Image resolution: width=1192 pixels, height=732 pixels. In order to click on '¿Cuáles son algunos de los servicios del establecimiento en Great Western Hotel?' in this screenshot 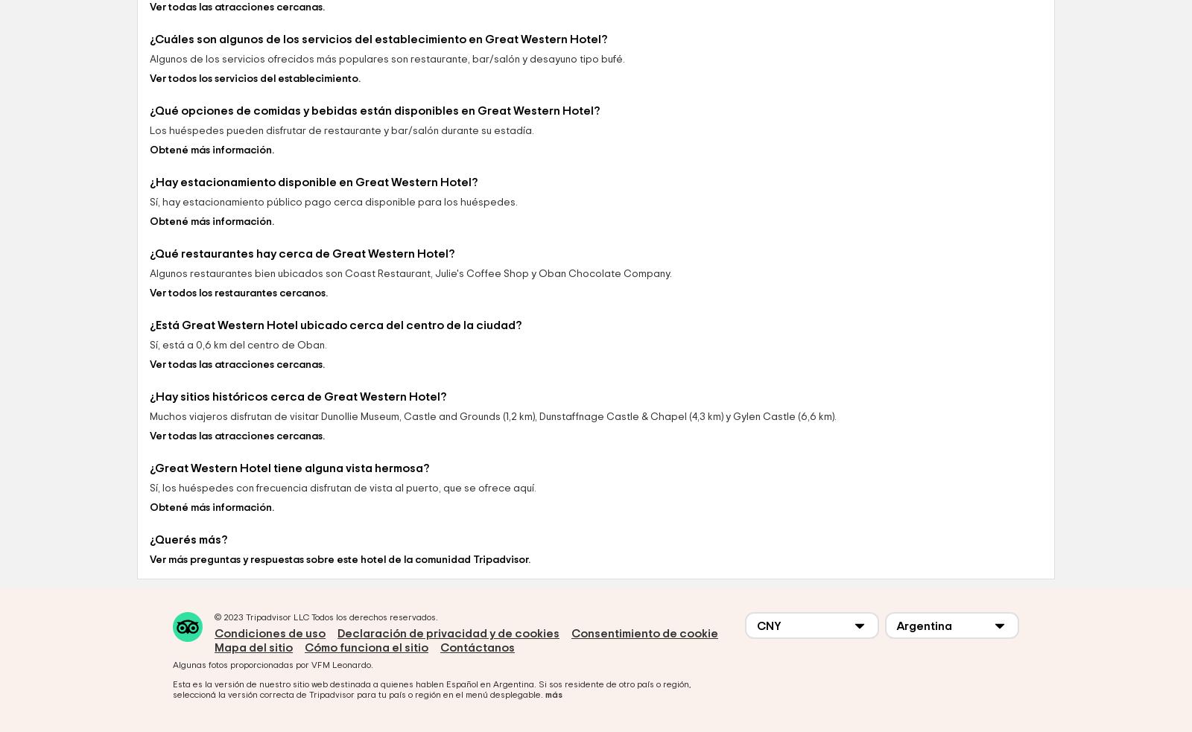, I will do `click(378, 142)`.